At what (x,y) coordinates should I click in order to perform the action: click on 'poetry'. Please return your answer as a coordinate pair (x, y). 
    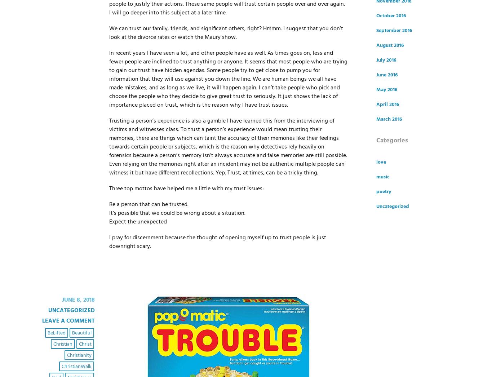
    Looking at the image, I should click on (384, 191).